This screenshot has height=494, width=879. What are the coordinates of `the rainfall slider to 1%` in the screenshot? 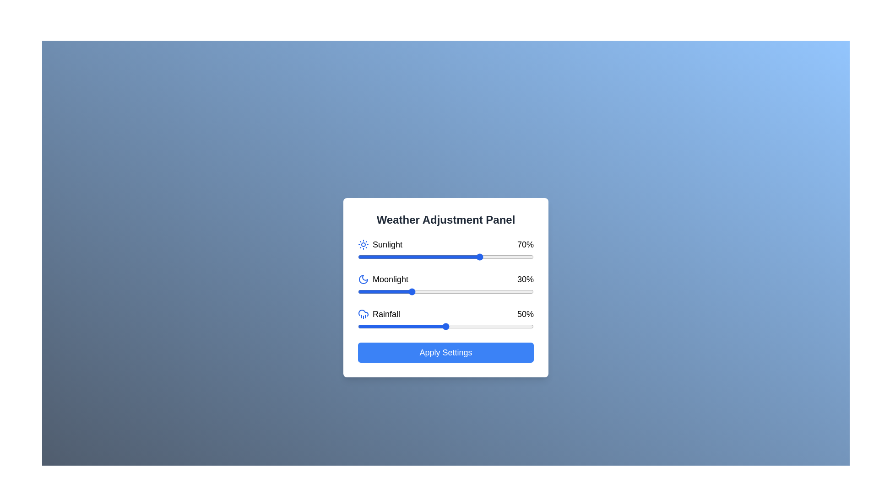 It's located at (359, 326).